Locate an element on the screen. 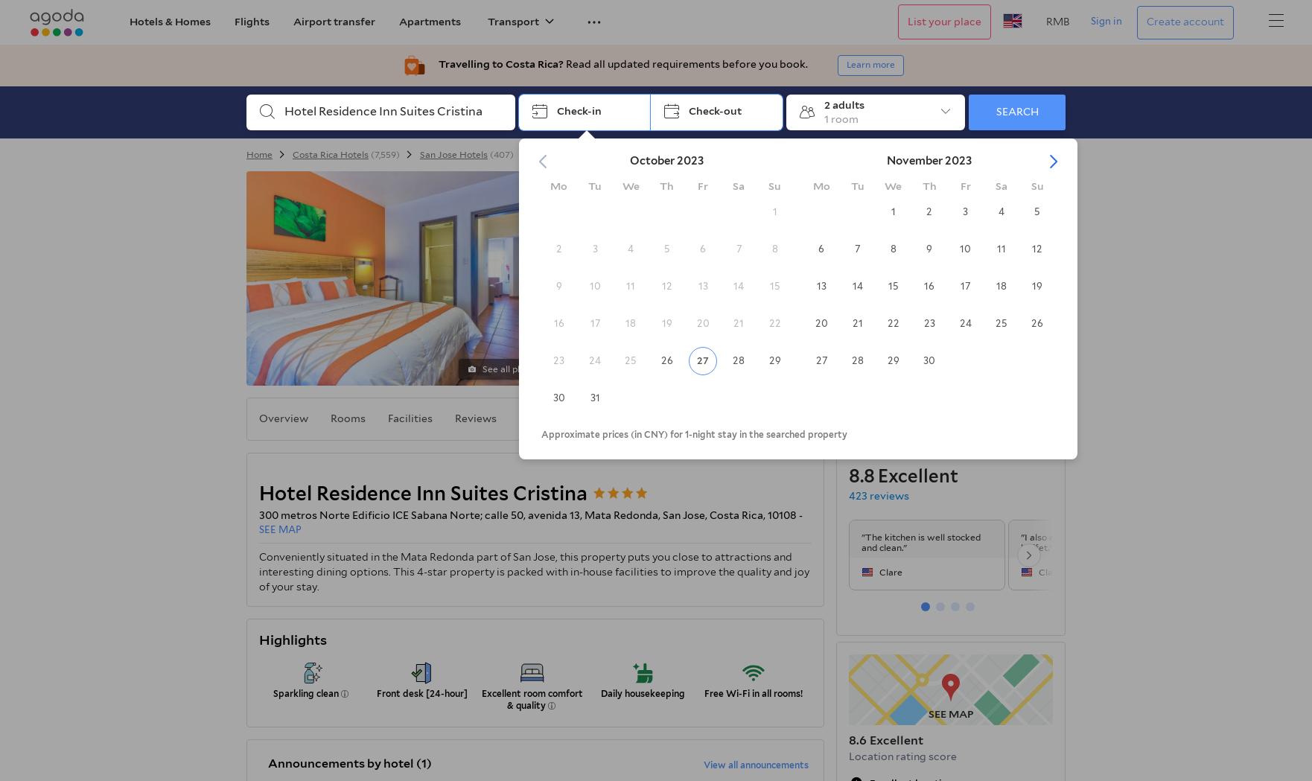 This screenshot has width=1312, height=781. 'Airport transfer' is located at coordinates (333, 20).